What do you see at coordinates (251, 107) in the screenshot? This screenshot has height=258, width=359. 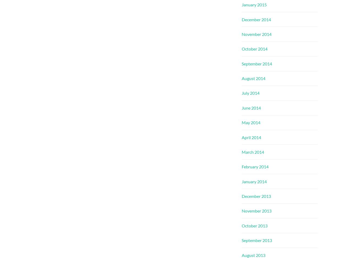 I see `'June 2014'` at bounding box center [251, 107].